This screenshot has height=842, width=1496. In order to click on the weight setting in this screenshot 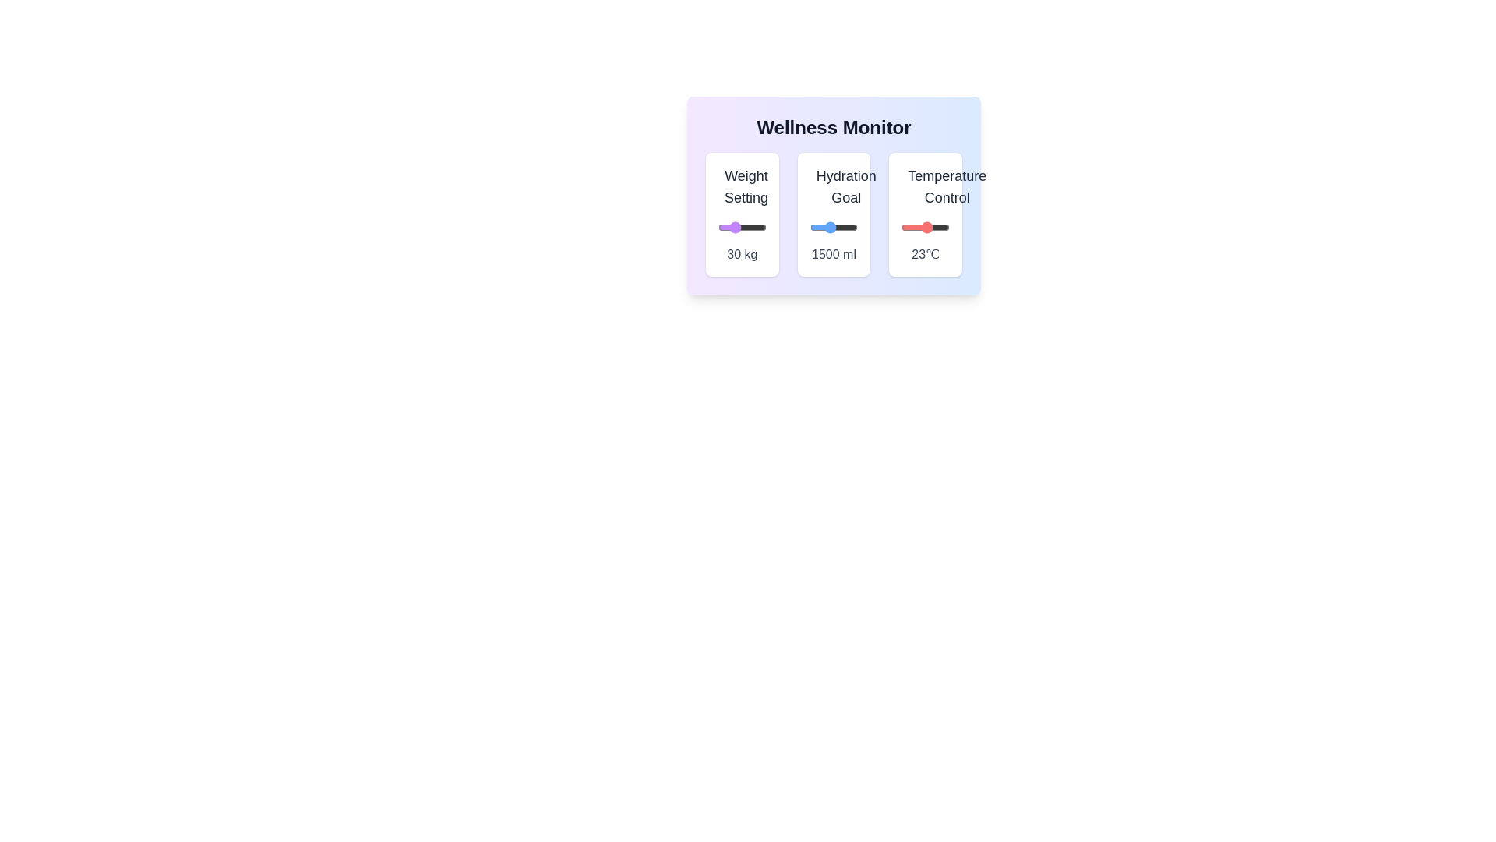, I will do `click(744, 228)`.